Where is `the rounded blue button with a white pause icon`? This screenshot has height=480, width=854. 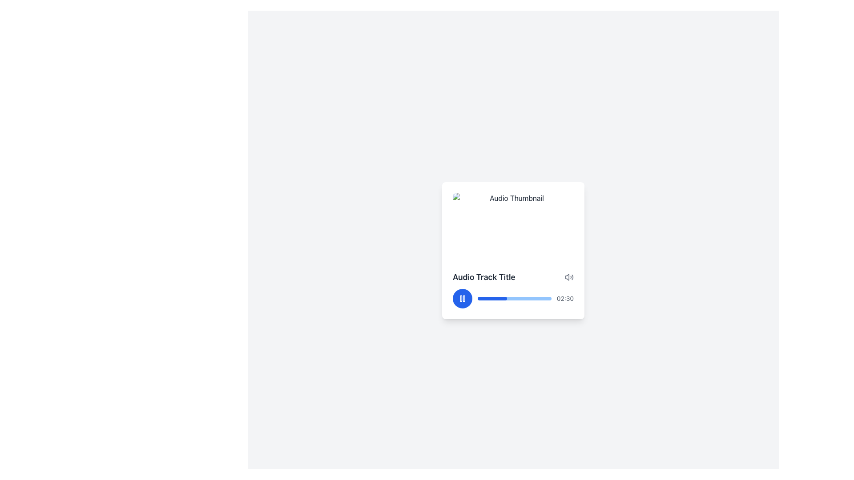
the rounded blue button with a white pause icon is located at coordinates (463, 298).